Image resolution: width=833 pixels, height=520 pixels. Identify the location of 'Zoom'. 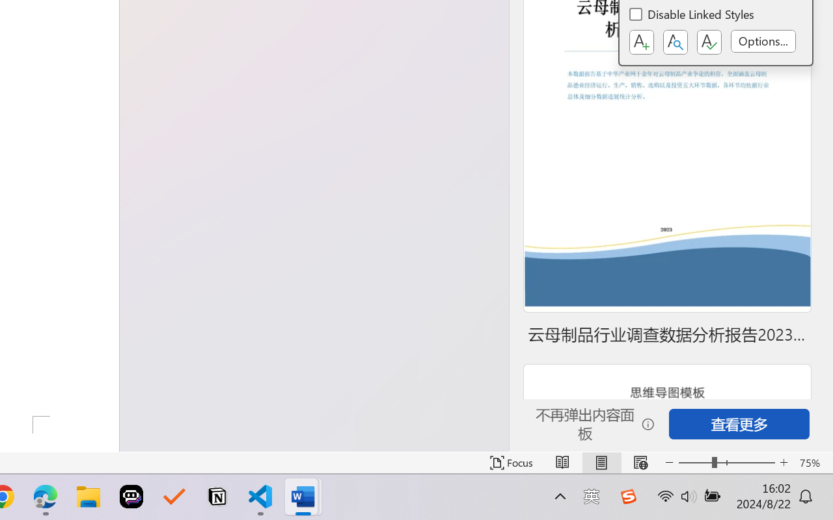
(726, 462).